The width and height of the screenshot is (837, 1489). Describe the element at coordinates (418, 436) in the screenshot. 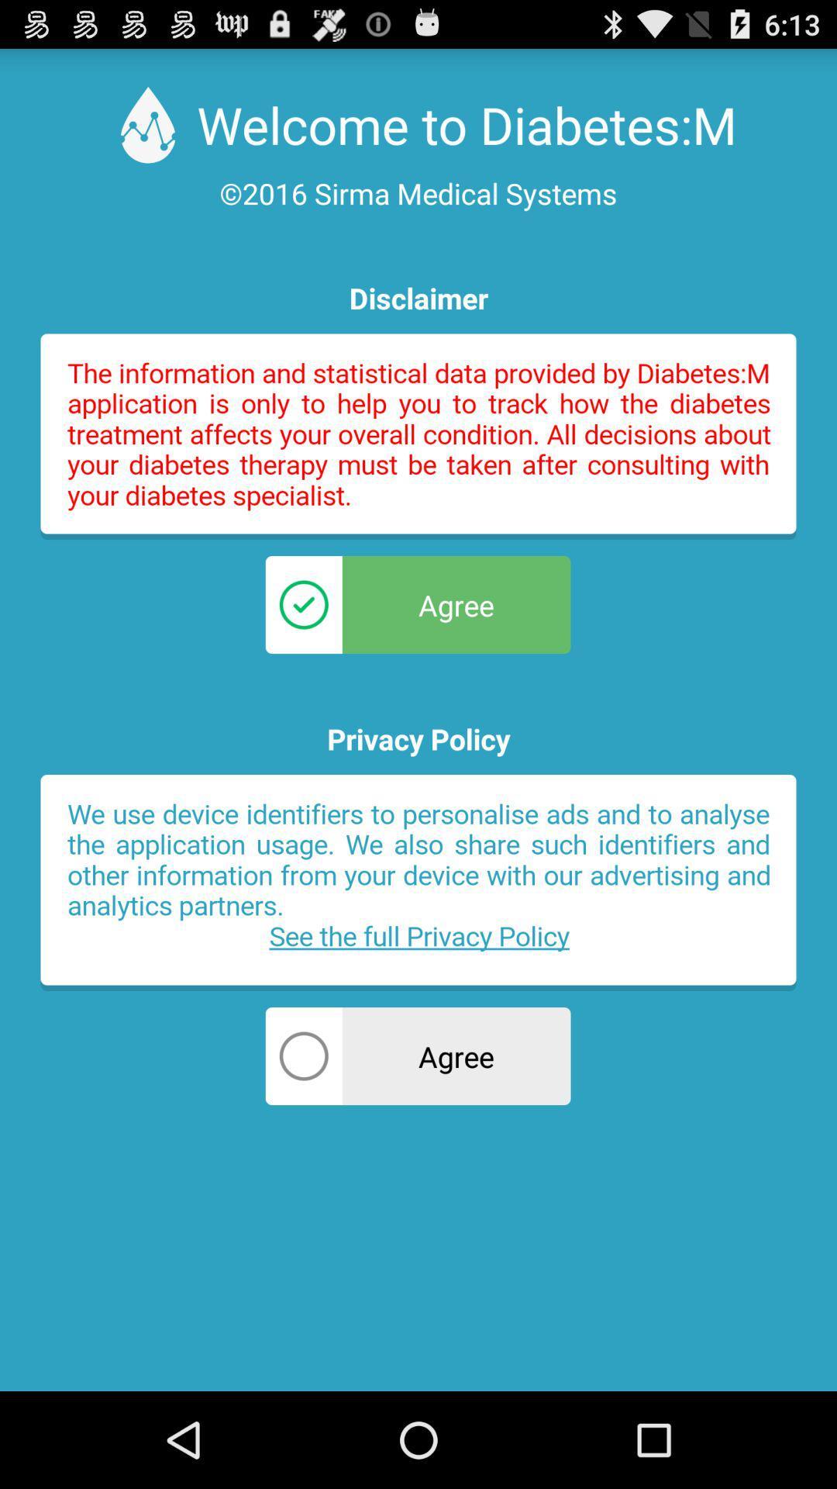

I see `open disclaimer` at that location.